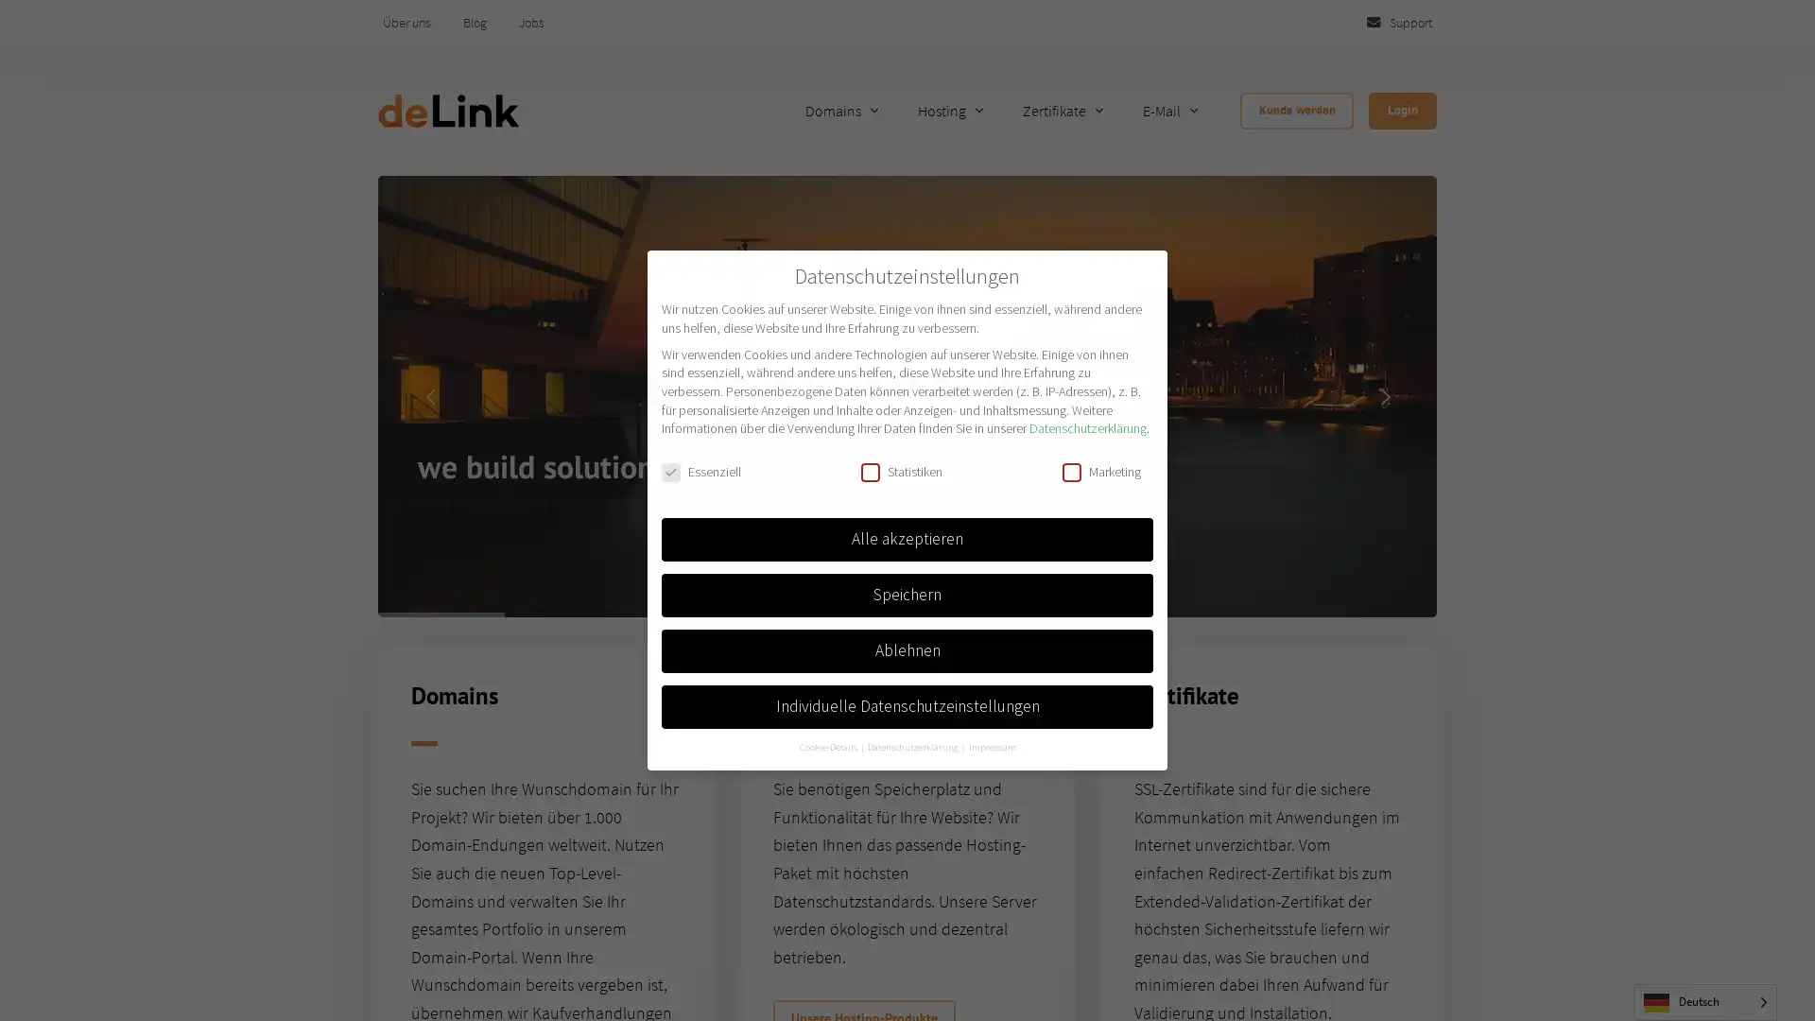 The height and width of the screenshot is (1021, 1815). Describe the element at coordinates (907, 649) in the screenshot. I see `Ablehnen` at that location.